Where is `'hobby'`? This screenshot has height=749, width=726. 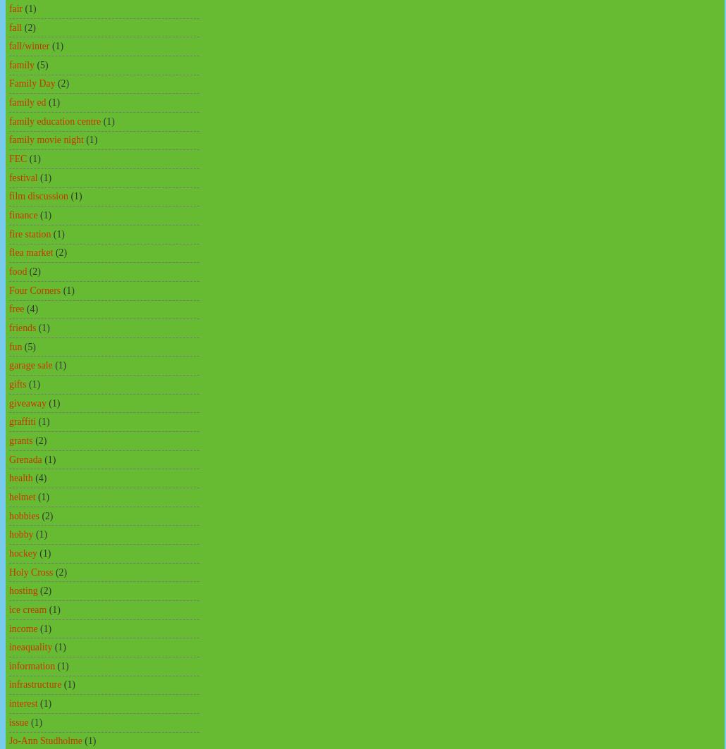
'hobby' is located at coordinates (20, 533).